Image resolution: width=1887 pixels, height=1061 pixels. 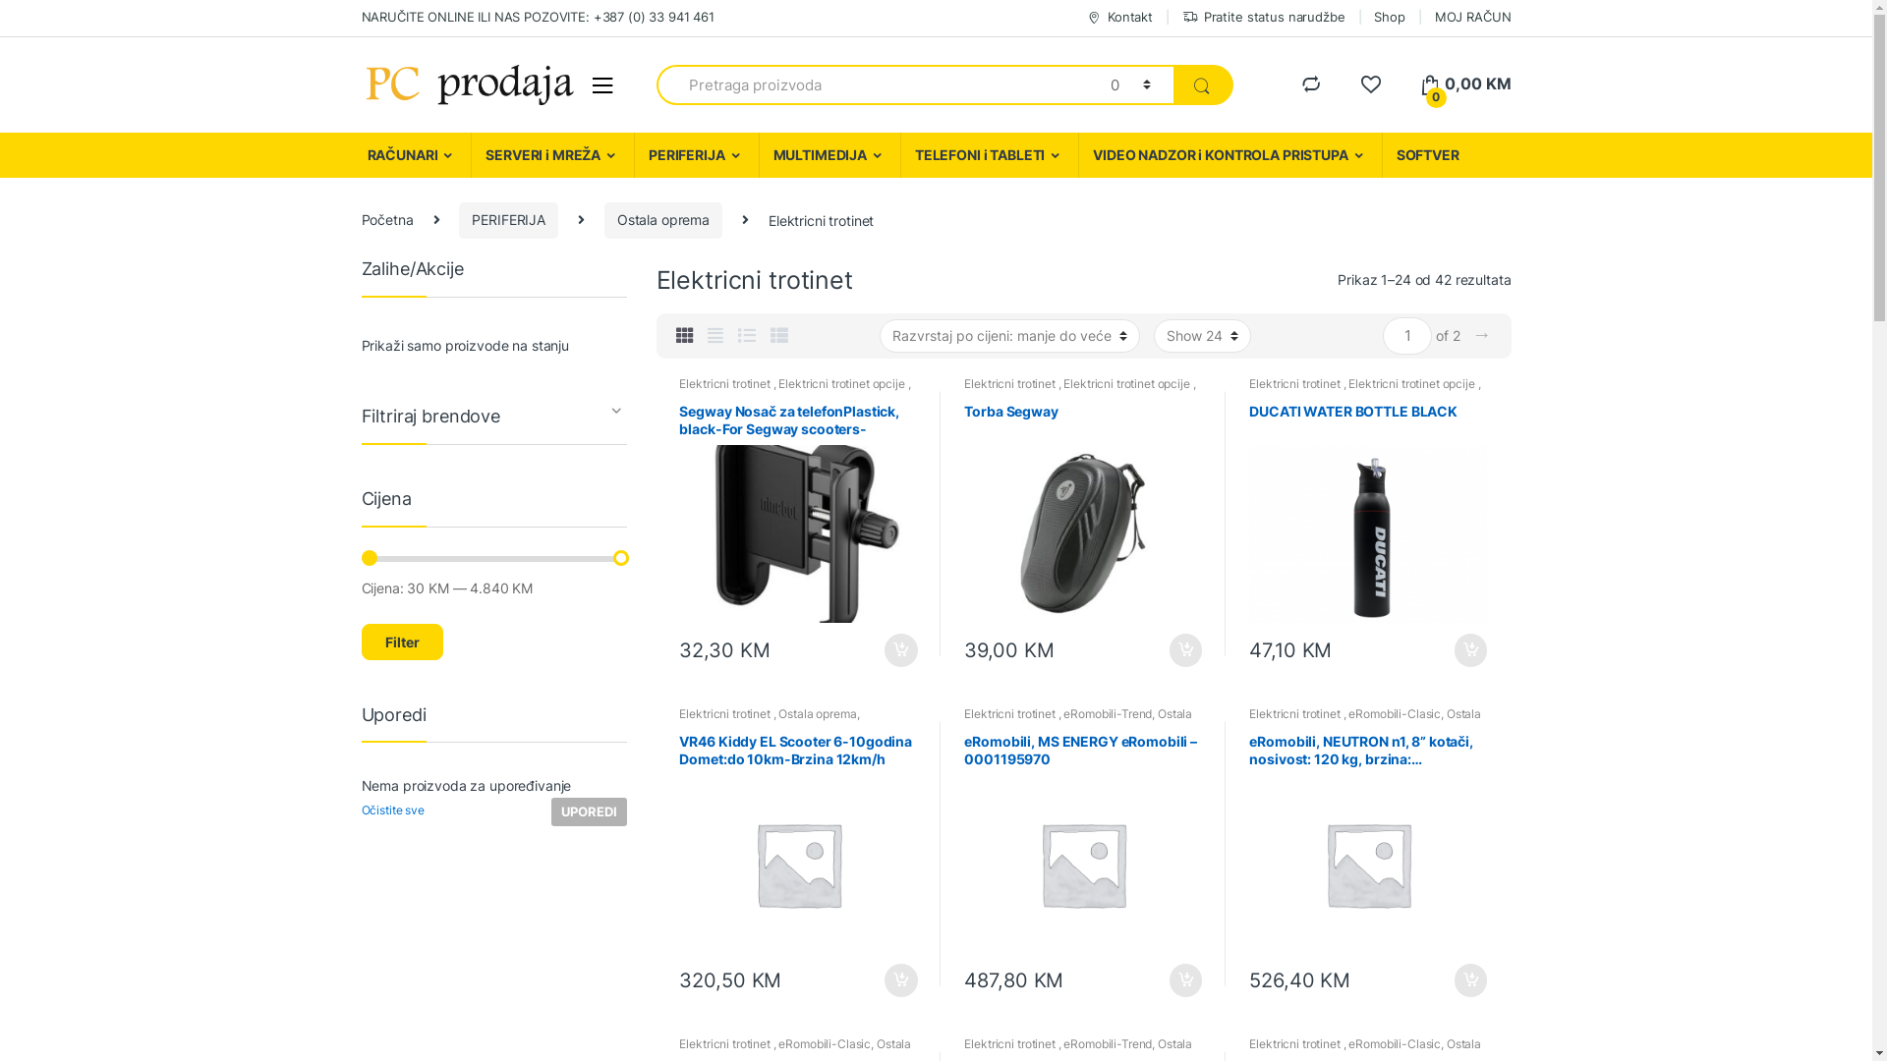 I want to click on 'PERIFERIJA', so click(x=457, y=220).